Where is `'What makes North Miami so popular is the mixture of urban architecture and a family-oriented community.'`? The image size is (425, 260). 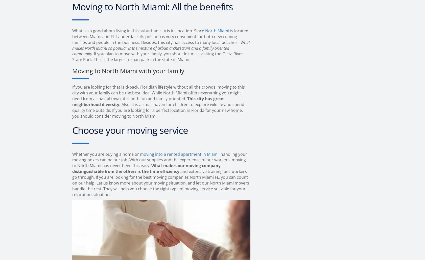
'What makes North Miami so popular is the mixture of urban architecture and a family-oriented community.' is located at coordinates (161, 48).